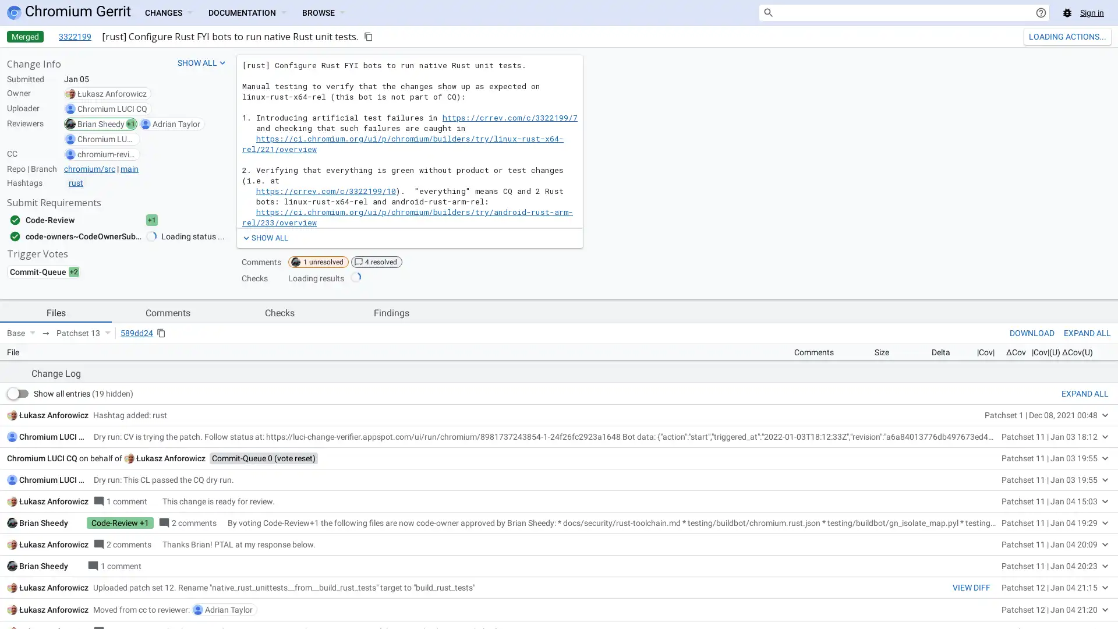  Describe the element at coordinates (53, 598) in the screenshot. I see `Chromium LUCI CQ` at that location.